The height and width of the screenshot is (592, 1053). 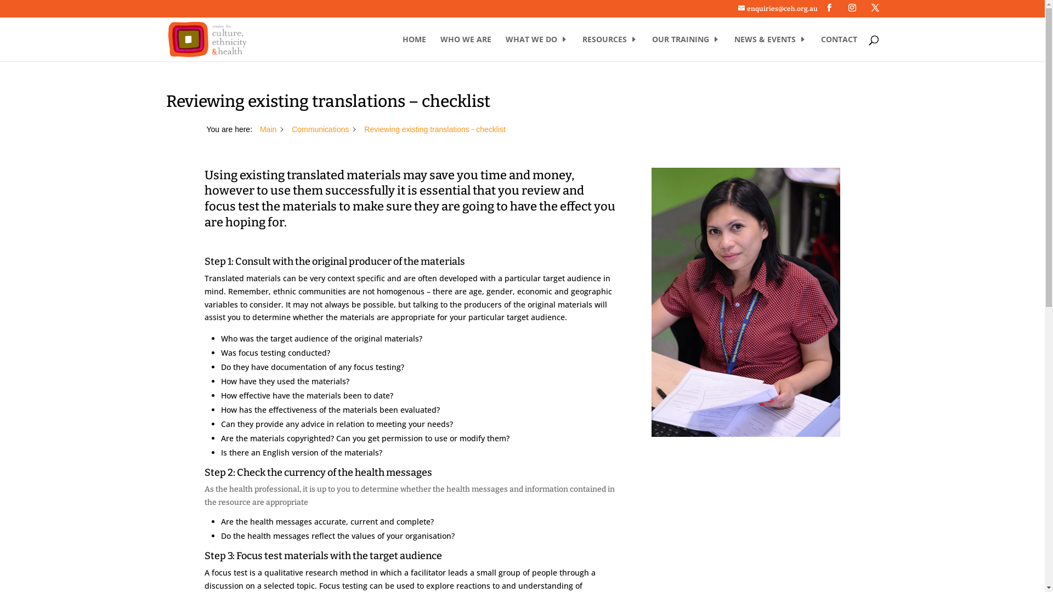 I want to click on 'HOME', so click(x=414, y=48).